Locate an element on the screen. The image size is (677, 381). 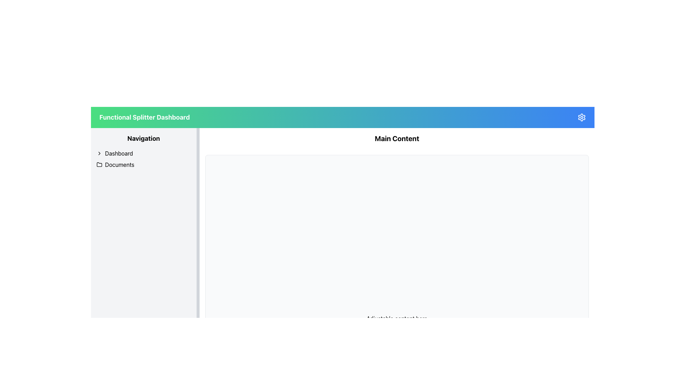
the 'Documents' menu item label located in the vertical navigation area on the left side of the interface, positioned as the second item below 'Dashboard', beside a folder icon is located at coordinates (120, 164).